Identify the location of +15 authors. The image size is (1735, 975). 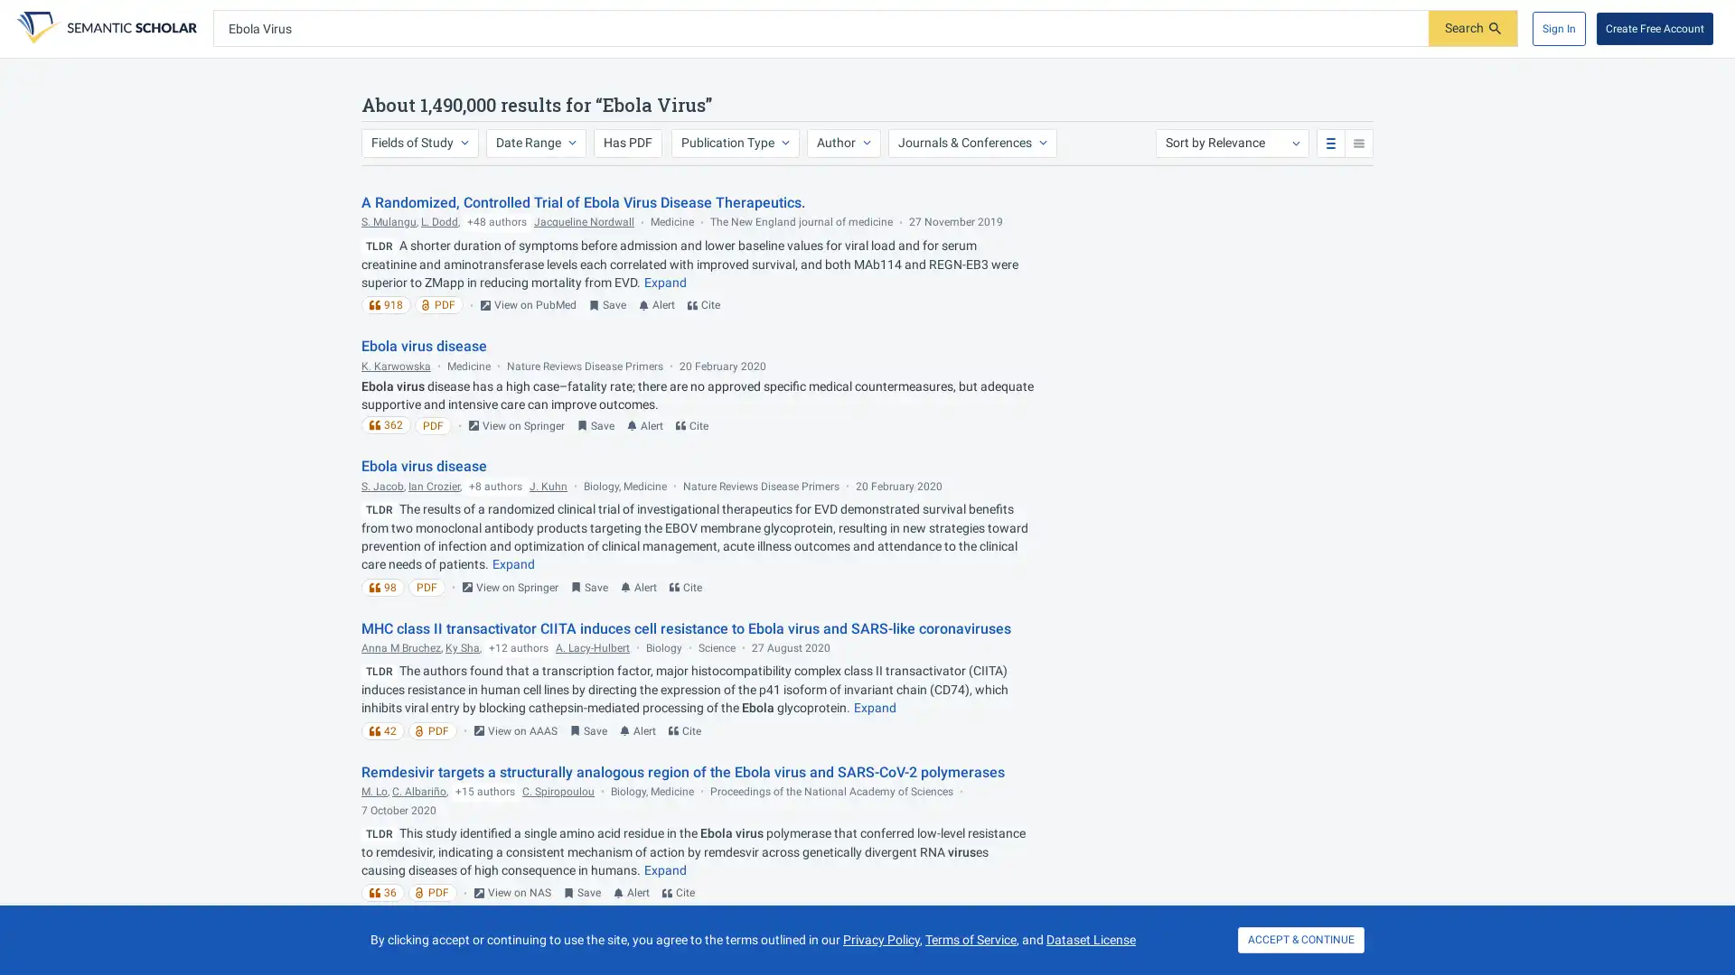
(485, 790).